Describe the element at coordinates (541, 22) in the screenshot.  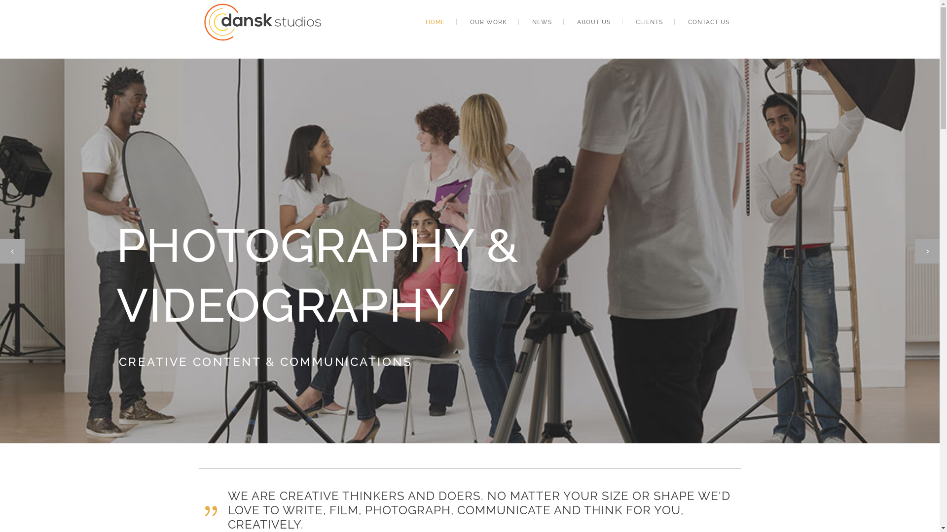
I see `'NEWS'` at that location.